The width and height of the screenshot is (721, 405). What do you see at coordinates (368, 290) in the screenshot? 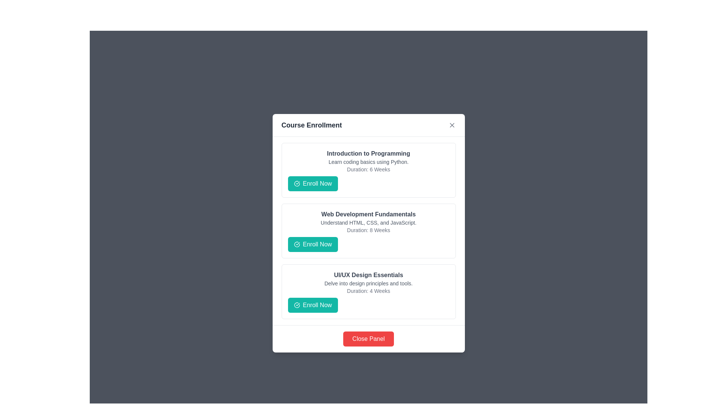
I see `the static text label that reads 'Duration: 4 Weeks', which is located in the third course card above the 'Enroll Now' button` at bounding box center [368, 290].